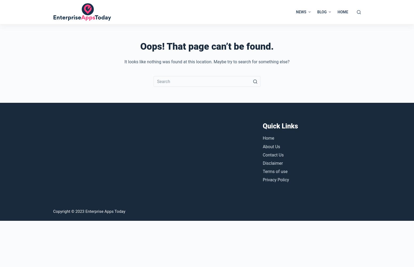  I want to click on 'Contact Us', so click(273, 154).